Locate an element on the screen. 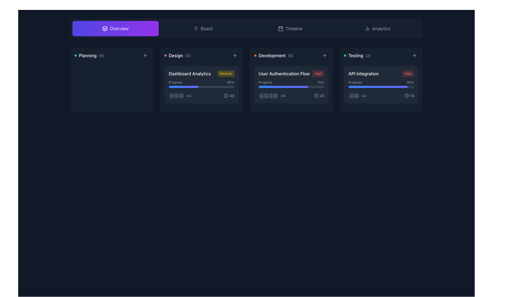  icons of the Status indicator located at the bottom of the 'Dashboard Analytics' card under the 'Design' category for additional information is located at coordinates (201, 95).